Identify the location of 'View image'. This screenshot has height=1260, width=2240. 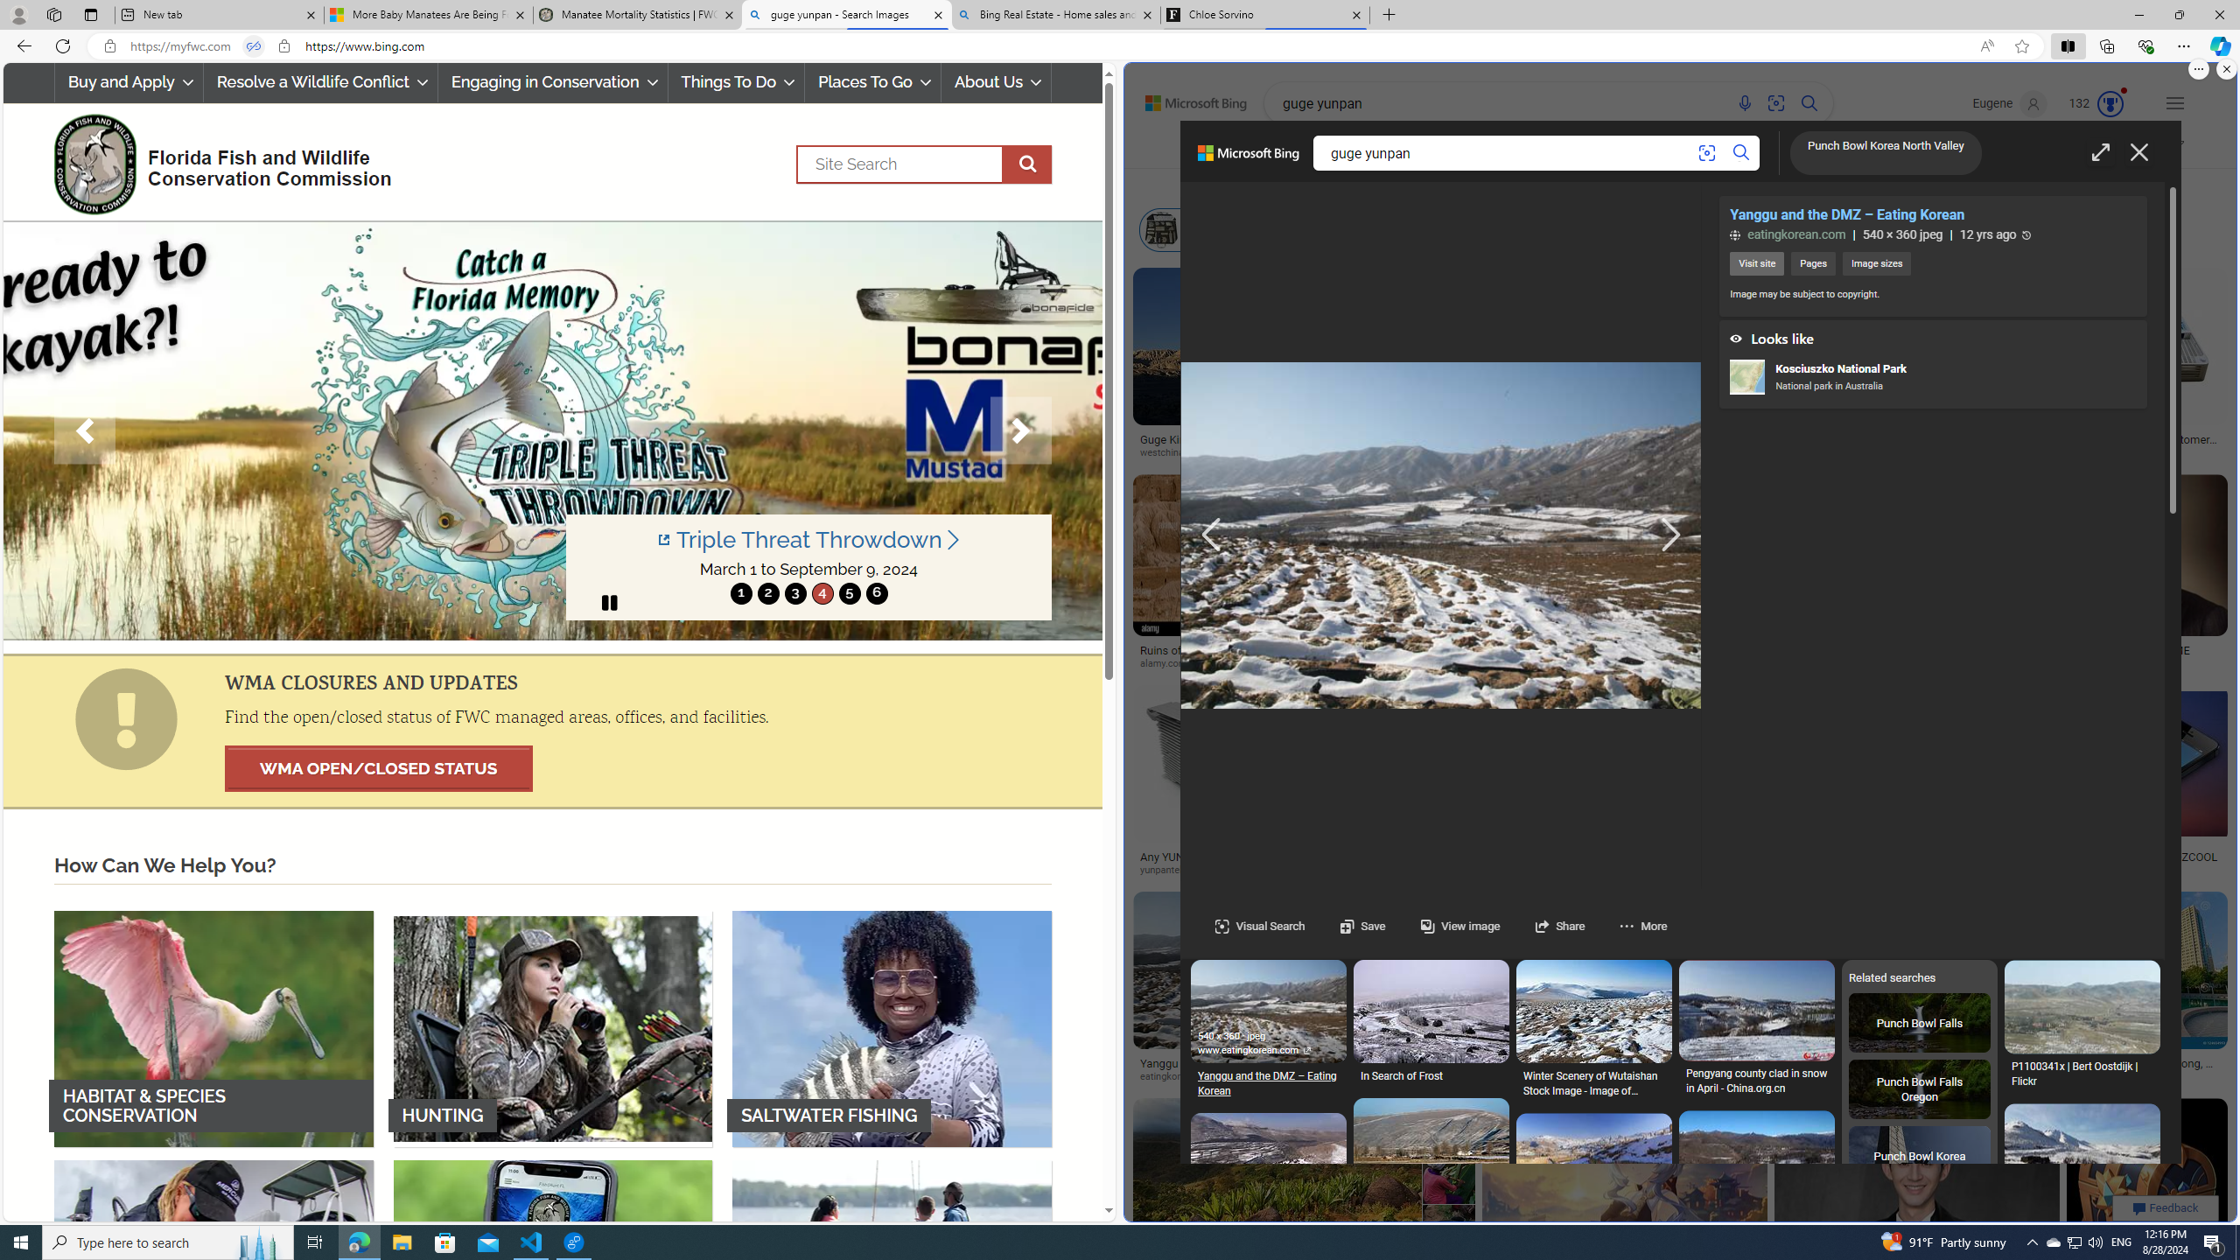
(1459, 925).